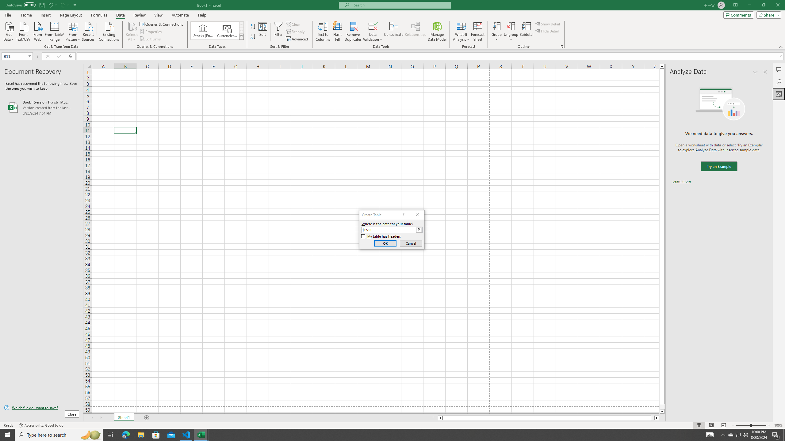  What do you see at coordinates (202, 30) in the screenshot?
I see `'Stocks (English)'` at bounding box center [202, 30].